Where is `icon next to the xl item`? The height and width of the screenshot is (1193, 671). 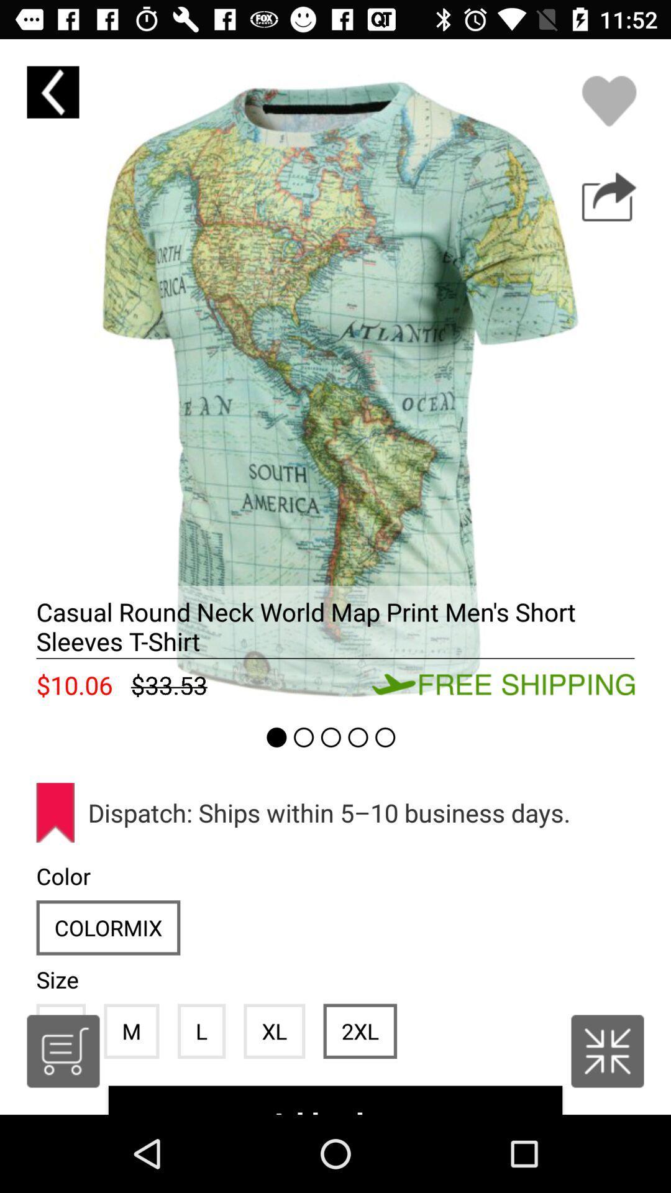
icon next to the xl item is located at coordinates (360, 1031).